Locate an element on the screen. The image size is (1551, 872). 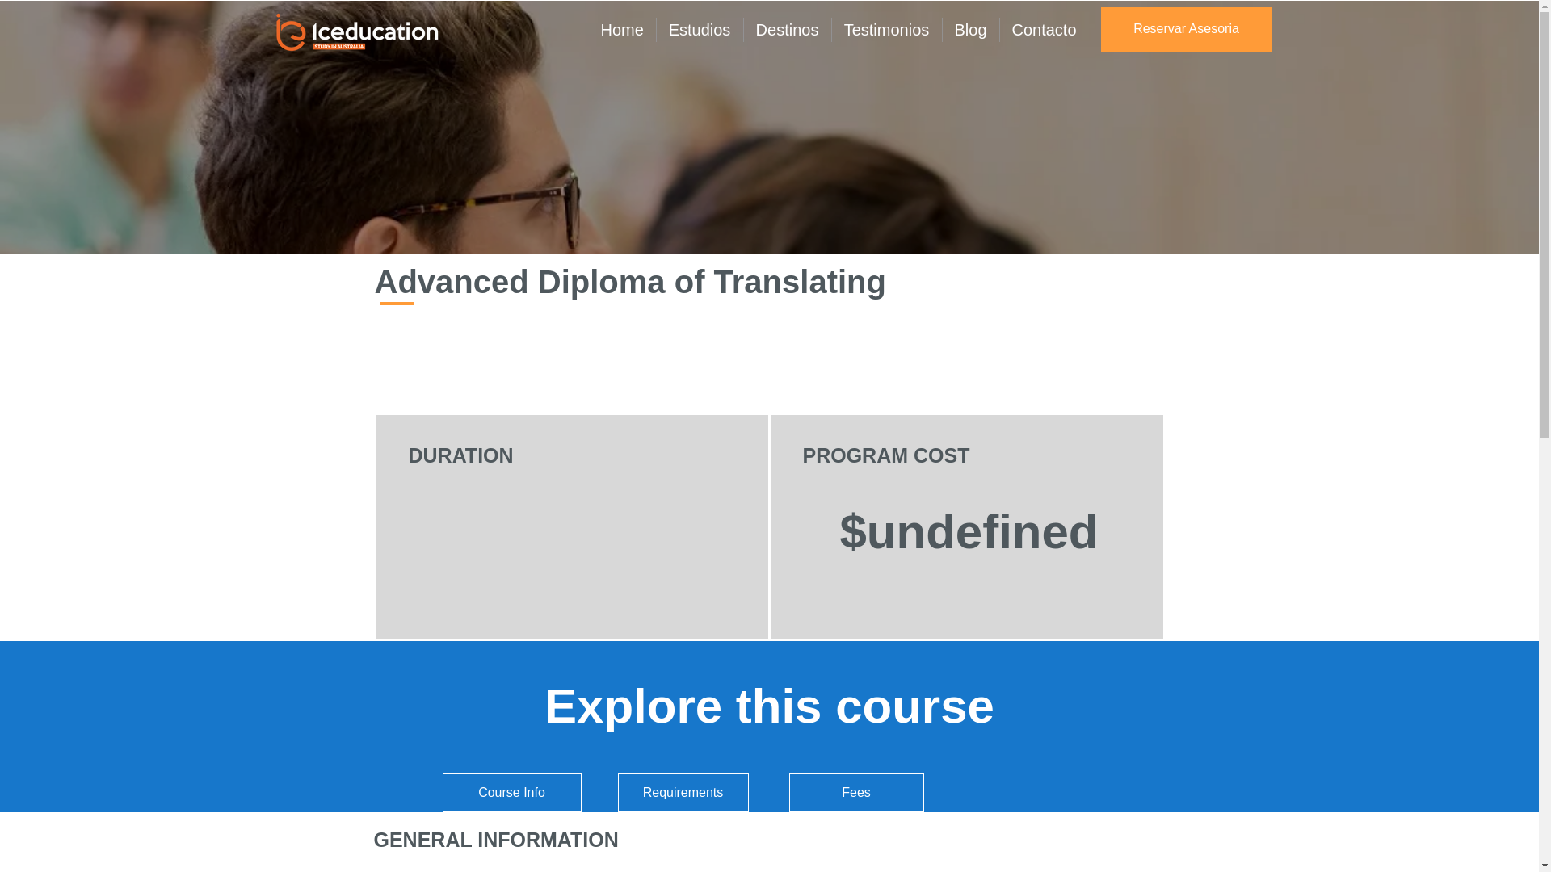
'Reservar Asesoria' is located at coordinates (1186, 29).